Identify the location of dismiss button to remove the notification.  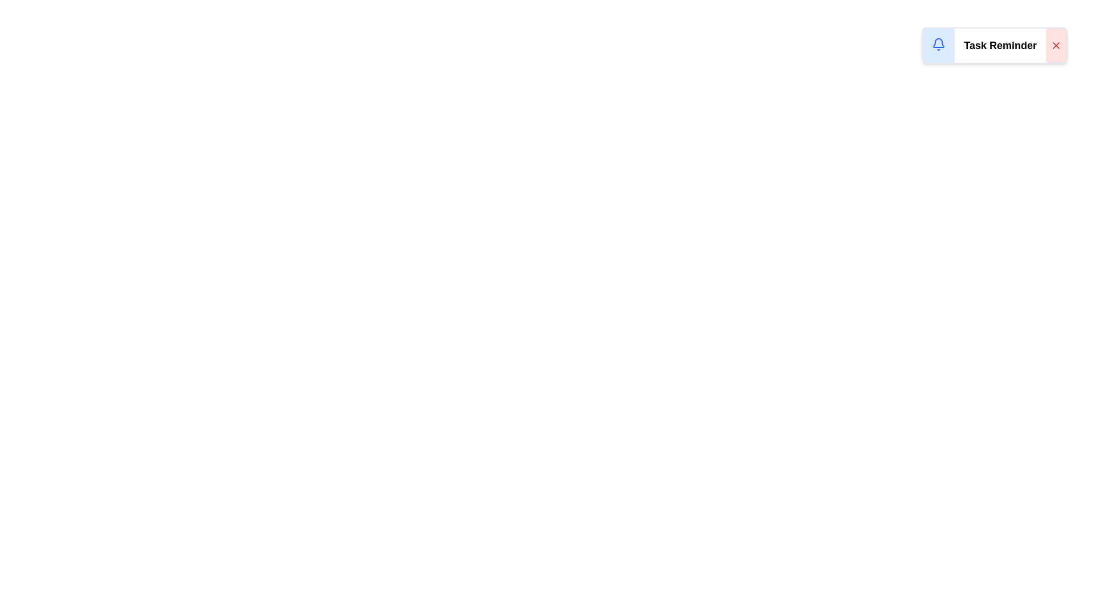
(1056, 45).